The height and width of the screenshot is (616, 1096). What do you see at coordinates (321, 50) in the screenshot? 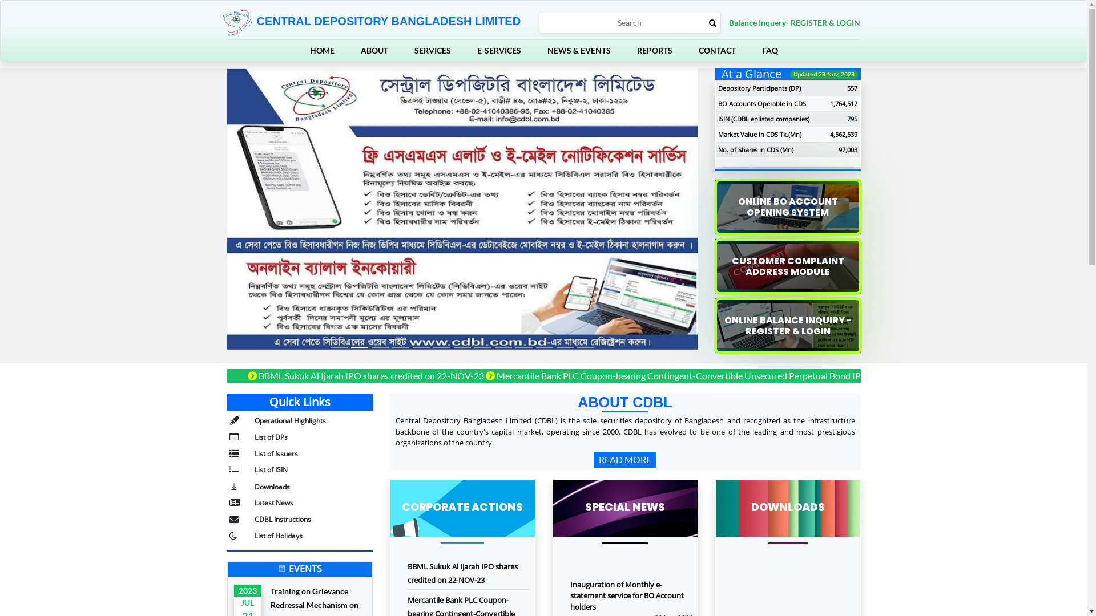
I see `'HOME'` at bounding box center [321, 50].